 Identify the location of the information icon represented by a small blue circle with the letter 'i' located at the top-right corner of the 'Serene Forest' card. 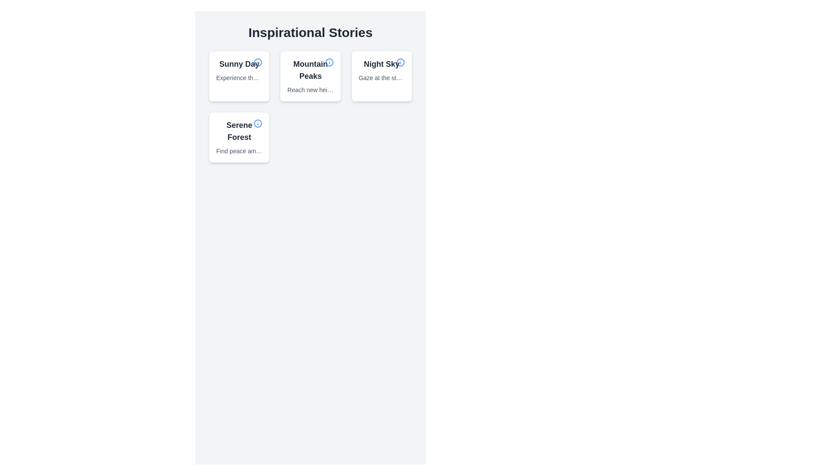
(258, 123).